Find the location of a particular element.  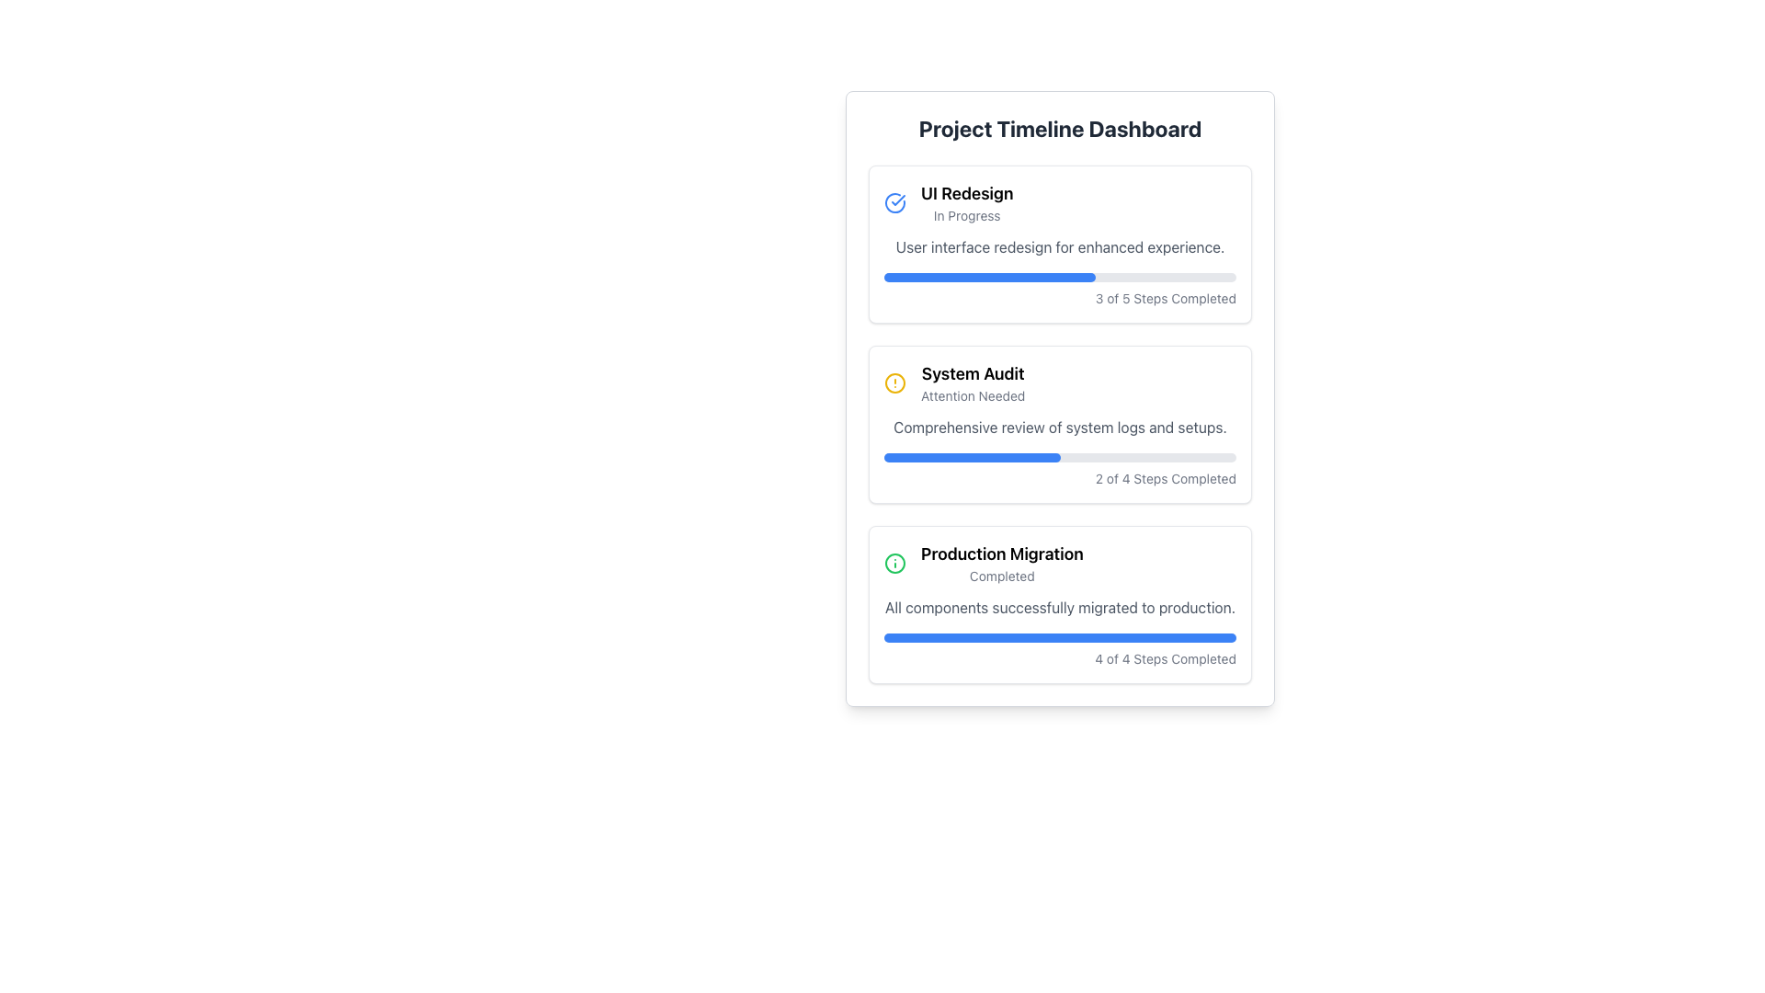

the blue circular icon with a checkmark inside, located under the 'Project Timeline Dashboard' heading and part of the 'UI Redesign' section is located at coordinates (895, 202).